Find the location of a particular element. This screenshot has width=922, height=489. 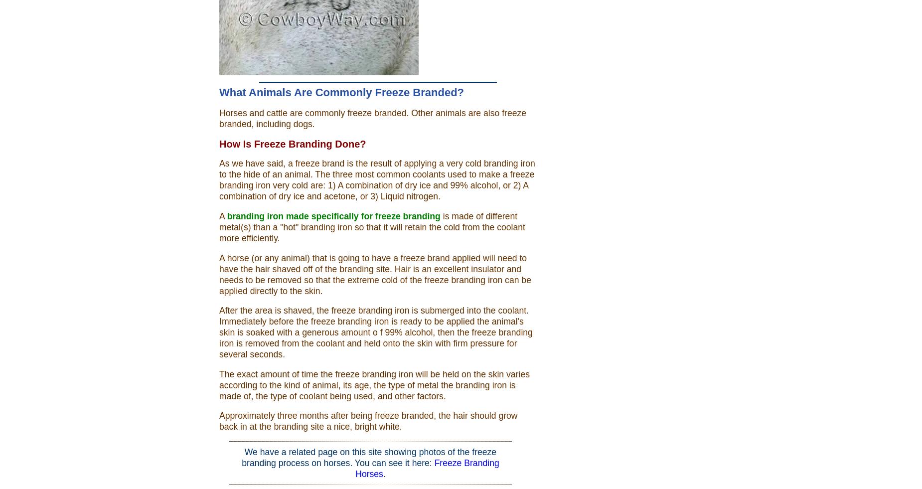

'A horse (or any animal) that is going to have a
freeze brand applied will need to have the hair shaved off of the branding
site. Hair is an excellent insulator and needs to be removed so that the extreme
cold of the freeze branding iron can be applied directly to the skin.' is located at coordinates (375, 274).